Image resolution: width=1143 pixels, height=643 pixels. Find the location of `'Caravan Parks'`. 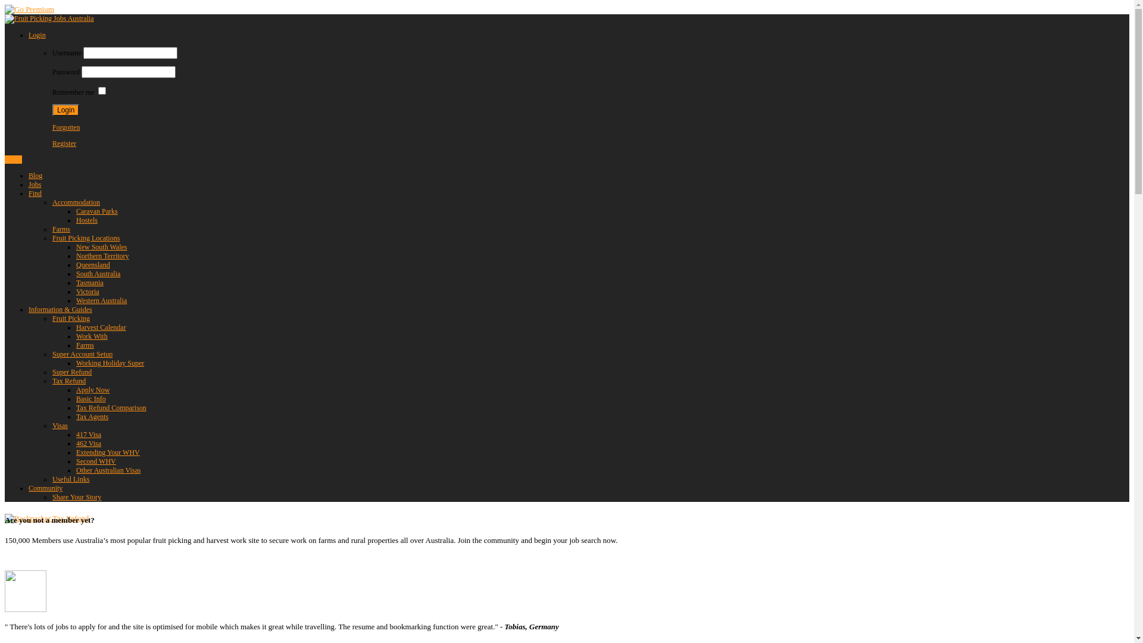

'Caravan Parks' is located at coordinates (97, 210).